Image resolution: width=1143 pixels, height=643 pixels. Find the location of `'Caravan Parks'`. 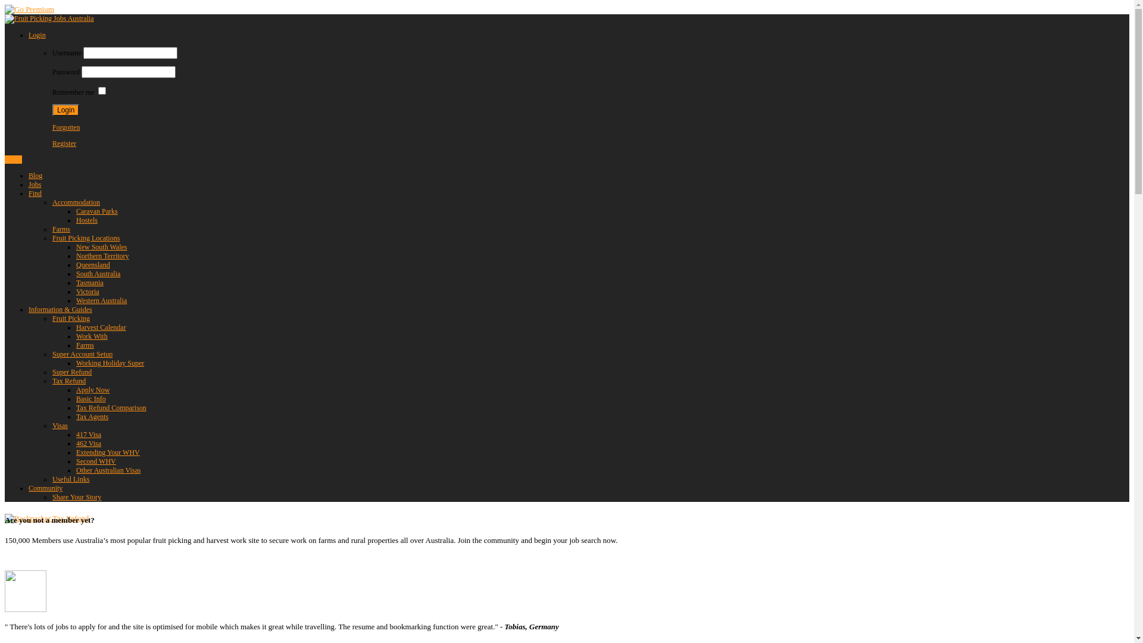

'Caravan Parks' is located at coordinates (97, 210).